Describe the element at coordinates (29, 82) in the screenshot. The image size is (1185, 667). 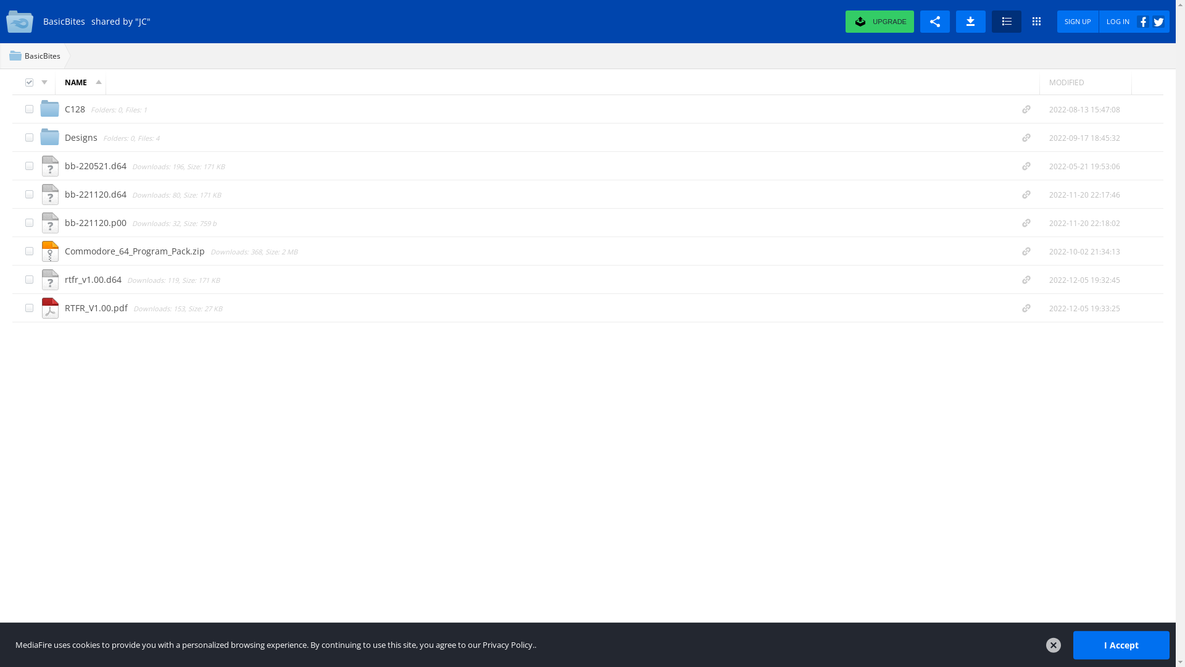
I see `'Click to select/deselect all'` at that location.